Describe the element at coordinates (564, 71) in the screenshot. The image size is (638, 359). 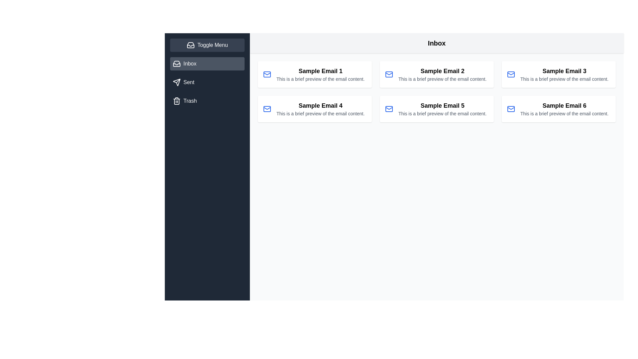
I see `the text label displaying 'Sample Email 3' which is styled as a heading and located in the top-right panel of the Inbox section` at that location.